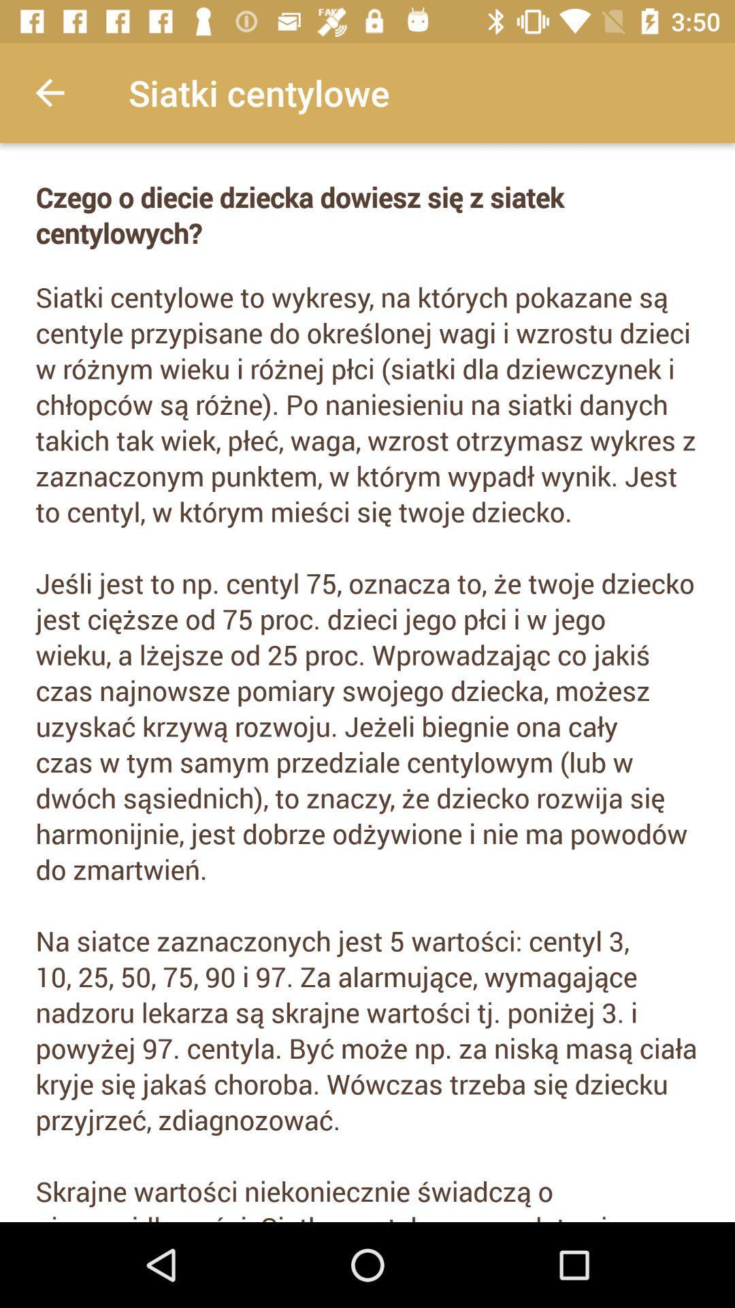 Image resolution: width=735 pixels, height=1308 pixels. What do you see at coordinates (367, 214) in the screenshot?
I see `icon above the siatki centylowe to icon` at bounding box center [367, 214].